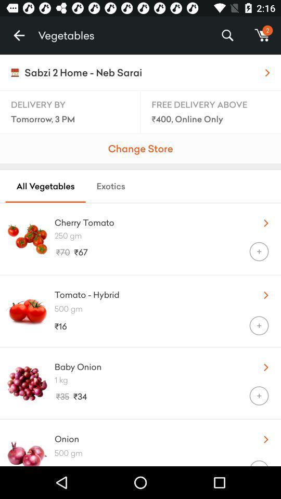  What do you see at coordinates (19, 35) in the screenshot?
I see `icon next to vegetables item` at bounding box center [19, 35].